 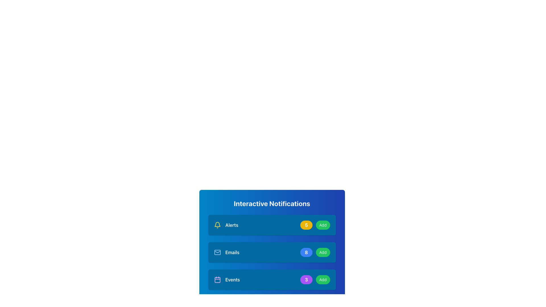 What do you see at coordinates (217, 279) in the screenshot?
I see `the blue rectangular area with rounded corners that is part of the calendar icon in the Events row` at bounding box center [217, 279].